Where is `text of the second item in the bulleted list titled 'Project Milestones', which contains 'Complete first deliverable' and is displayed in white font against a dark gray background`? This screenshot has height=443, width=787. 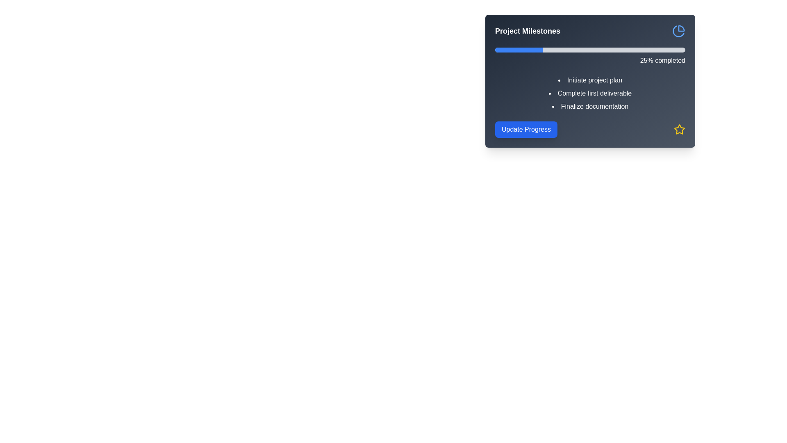 text of the second item in the bulleted list titled 'Project Milestones', which contains 'Complete first deliverable' and is displayed in white font against a dark gray background is located at coordinates (590, 93).